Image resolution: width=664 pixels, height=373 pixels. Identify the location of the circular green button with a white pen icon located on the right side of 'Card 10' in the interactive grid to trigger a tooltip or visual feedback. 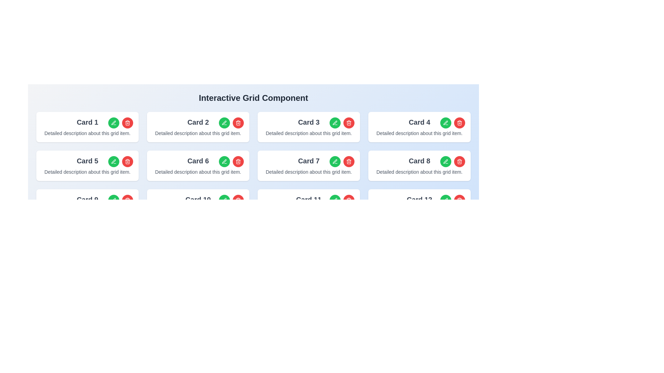
(224, 200).